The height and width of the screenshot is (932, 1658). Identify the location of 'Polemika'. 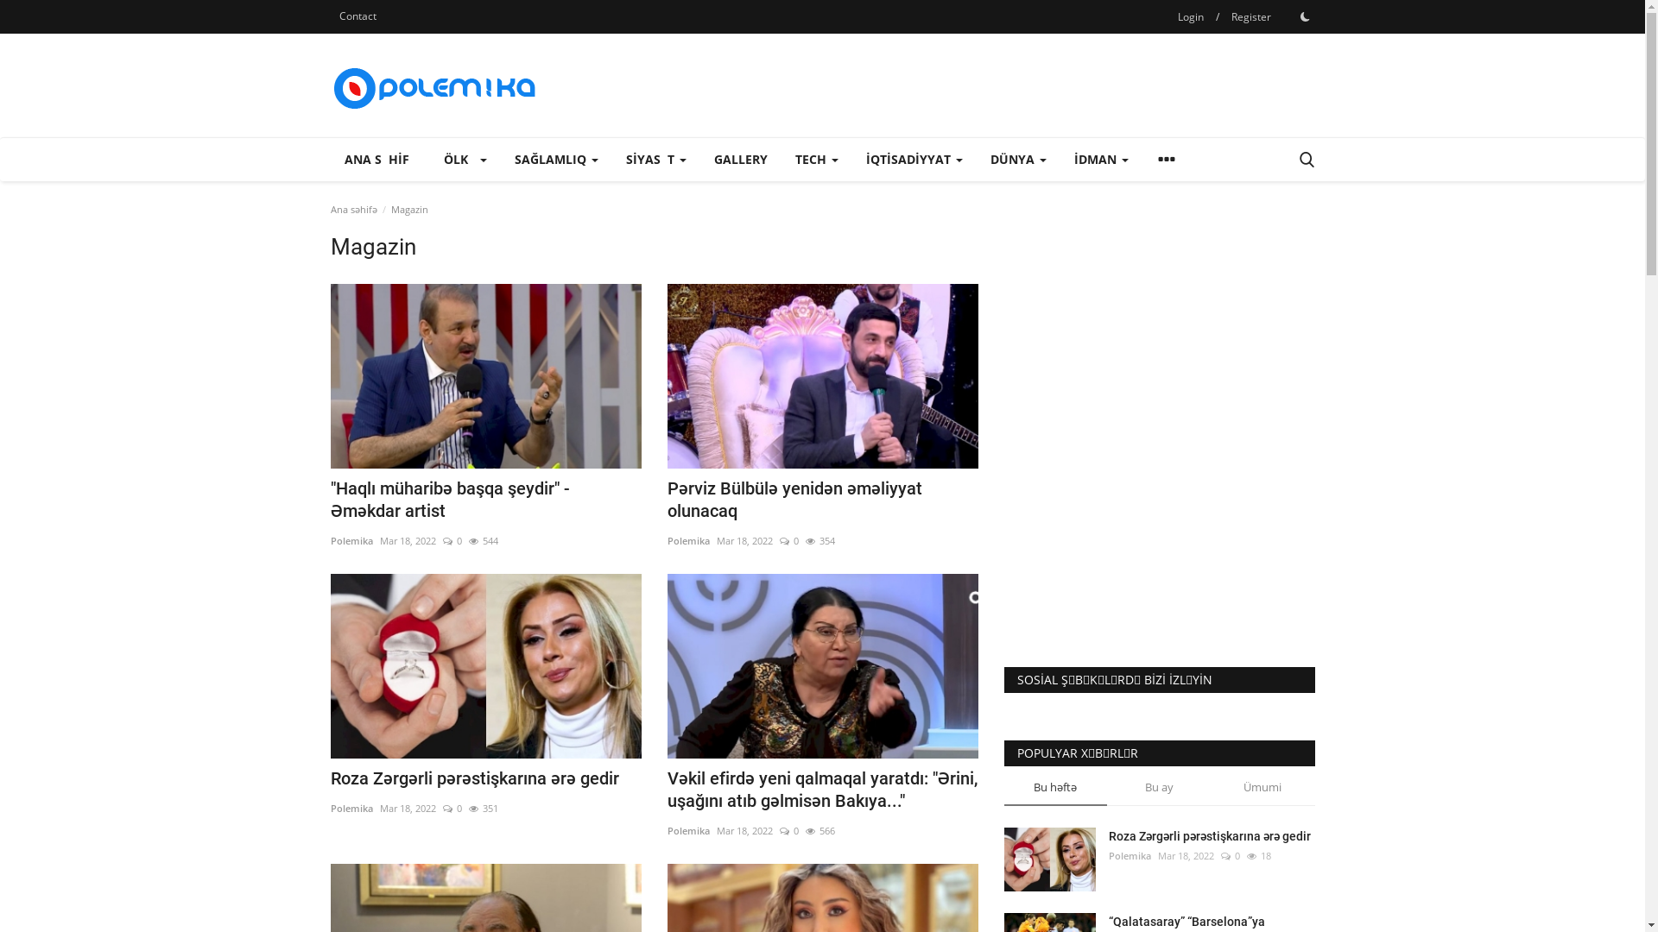
(687, 830).